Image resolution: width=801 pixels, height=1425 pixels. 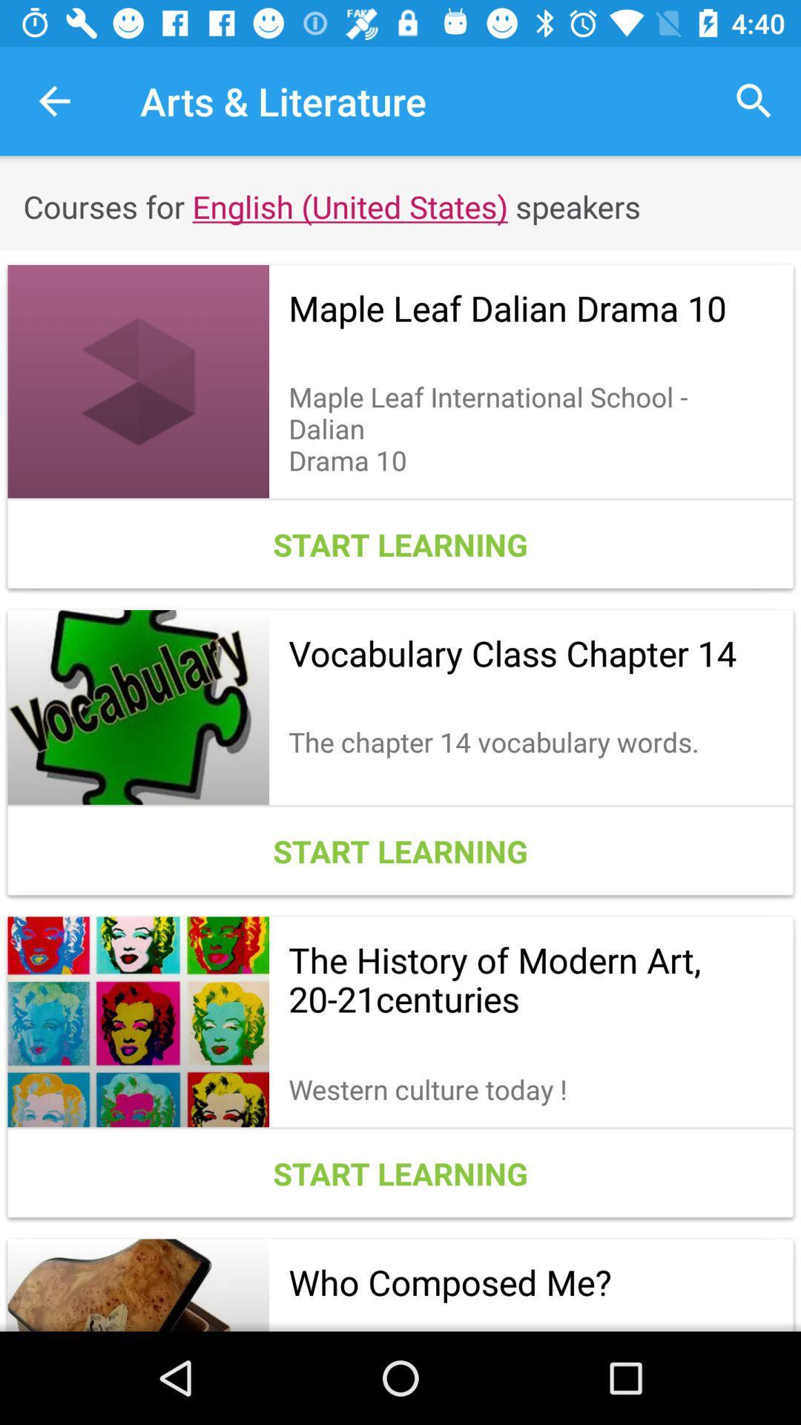 What do you see at coordinates (400, 206) in the screenshot?
I see `the courses for english` at bounding box center [400, 206].